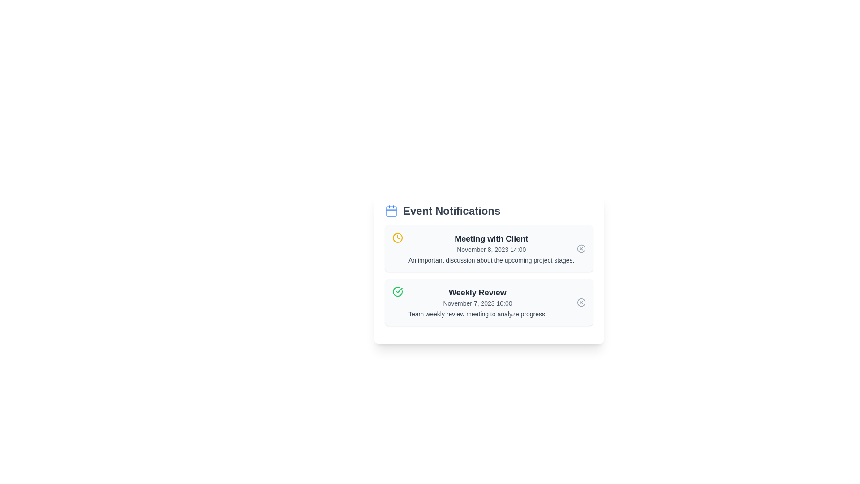 The image size is (860, 484). What do you see at coordinates (581, 302) in the screenshot?
I see `delete button for the notification titled 'Weekly Review'` at bounding box center [581, 302].